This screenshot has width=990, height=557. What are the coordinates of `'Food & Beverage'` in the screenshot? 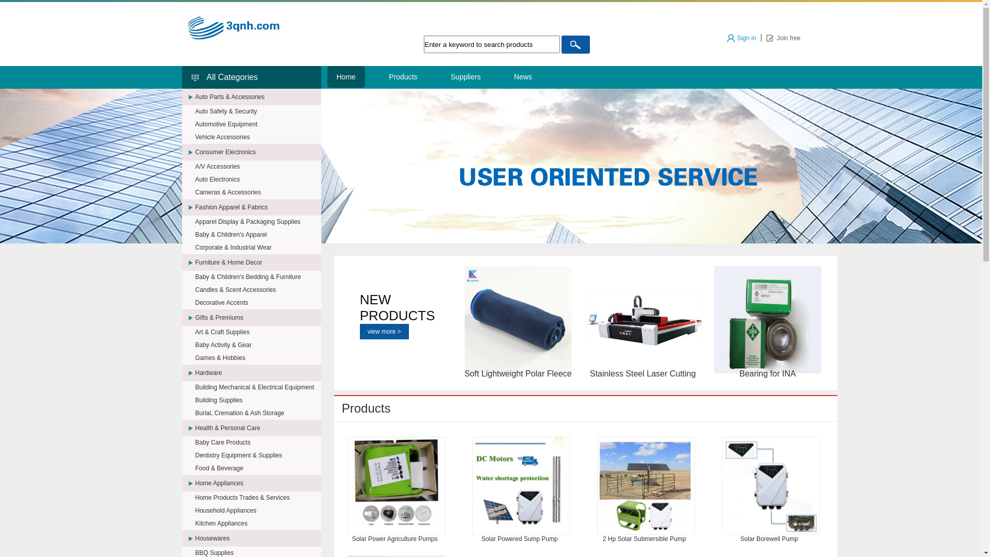 It's located at (257, 468).